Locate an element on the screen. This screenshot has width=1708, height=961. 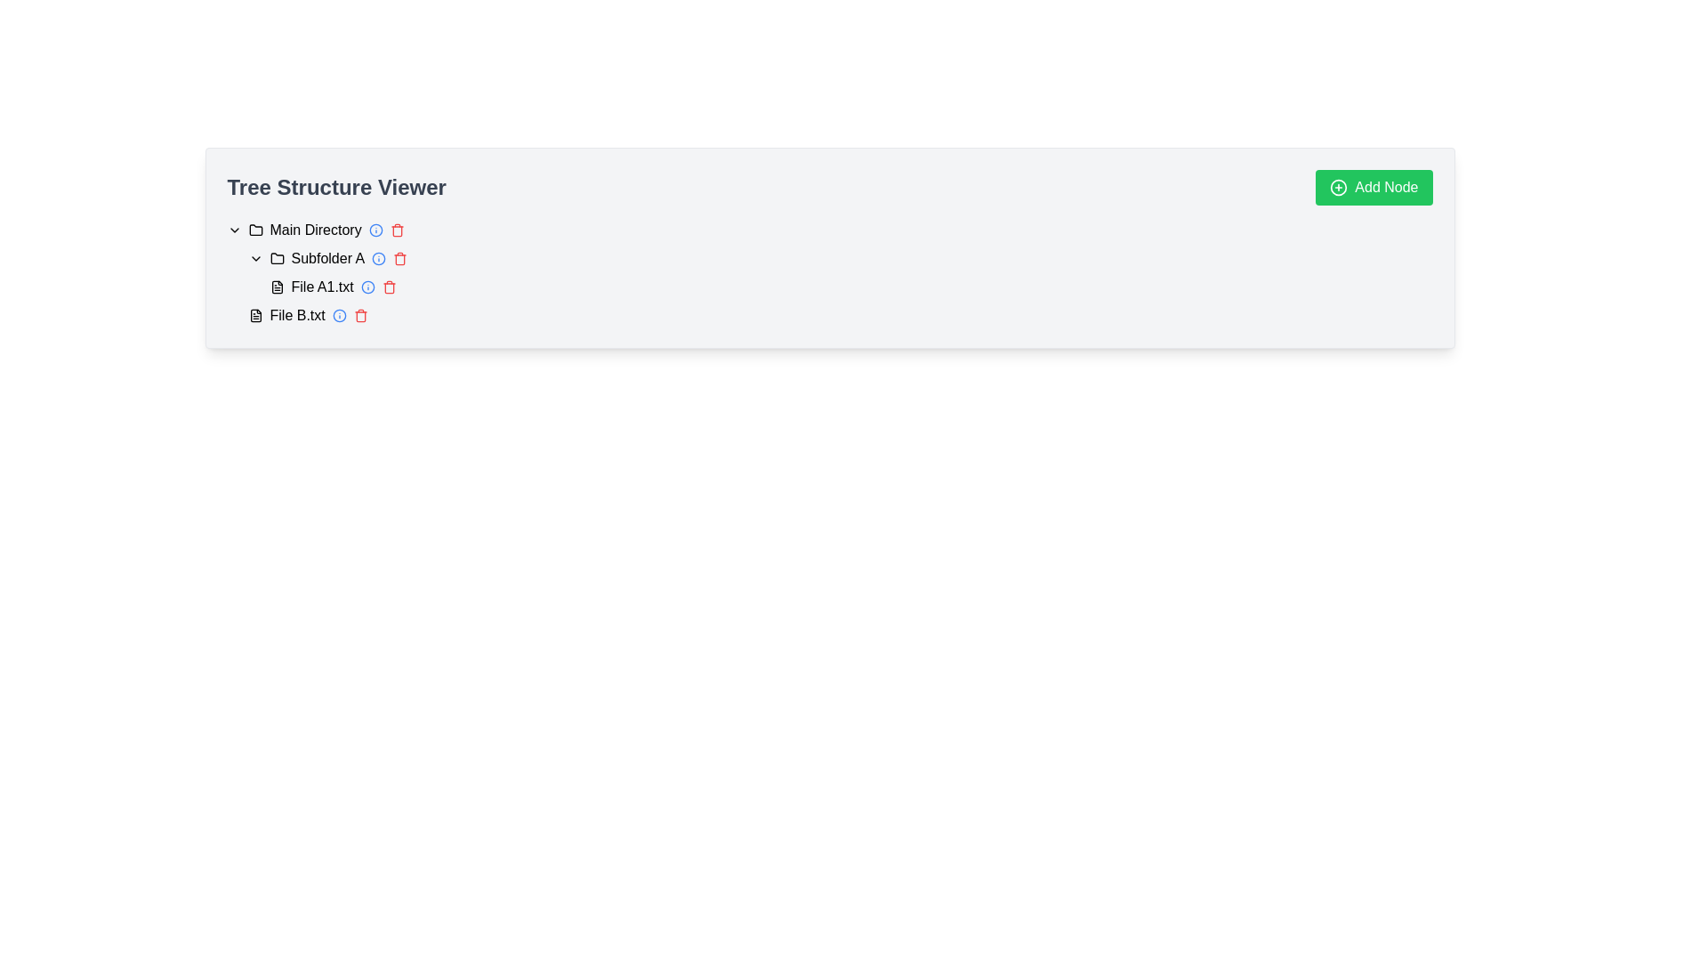
the red trash can icon with a rectangular body and rounded edges, located to the far right of the 'Main Directory' text, to possibly reveal additional context is located at coordinates (396, 229).